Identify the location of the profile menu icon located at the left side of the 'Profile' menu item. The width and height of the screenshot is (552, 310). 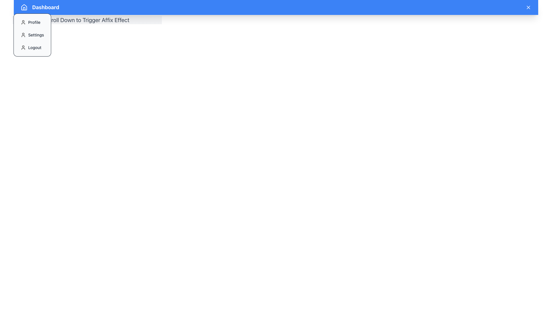
(23, 22).